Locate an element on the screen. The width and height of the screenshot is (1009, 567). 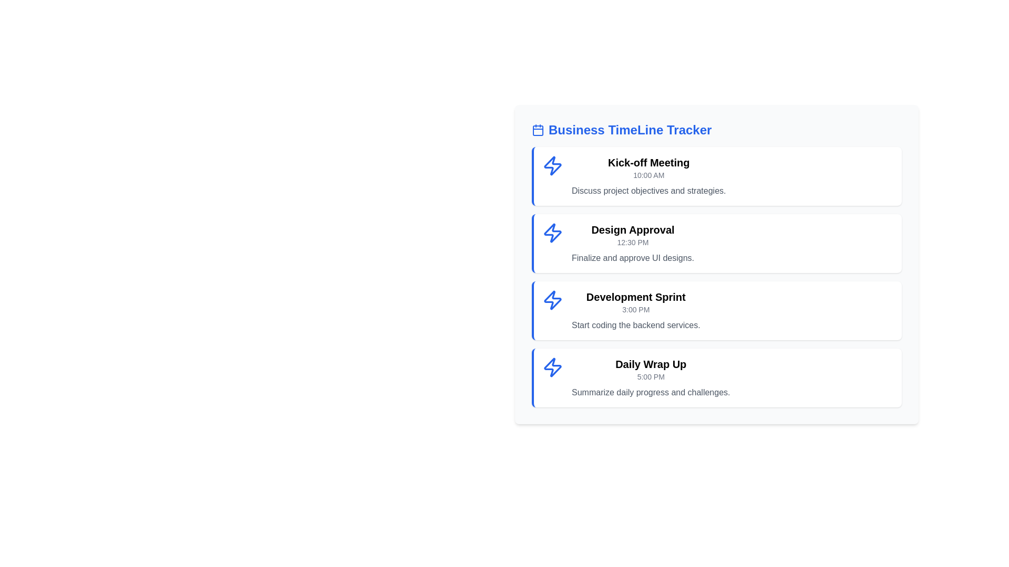
the blue lightning bolt icon located at the top-left area of the 'Development Sprint' card, which is the third card in a vertical list of four cards is located at coordinates (552, 300).